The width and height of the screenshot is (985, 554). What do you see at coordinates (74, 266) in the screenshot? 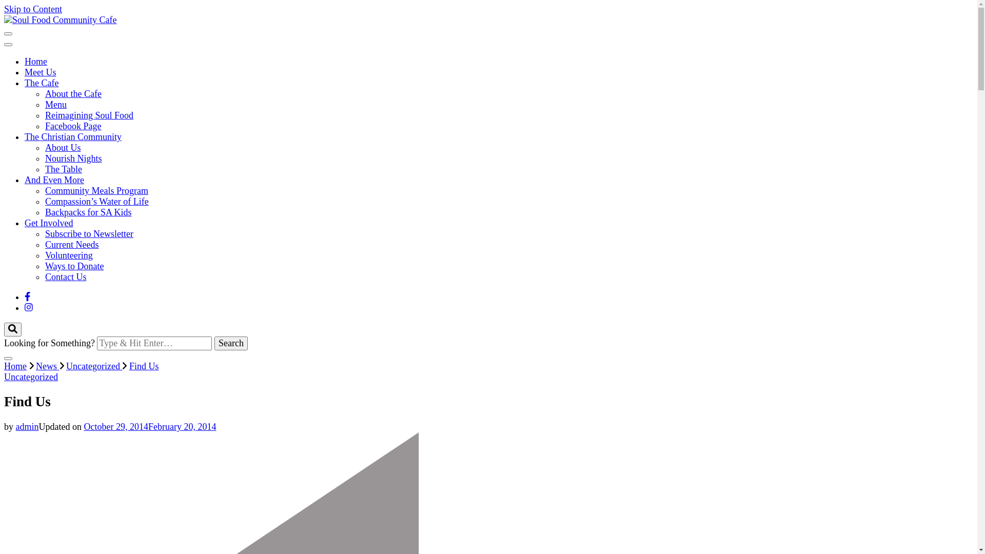
I see `'Ways to Donate'` at bounding box center [74, 266].